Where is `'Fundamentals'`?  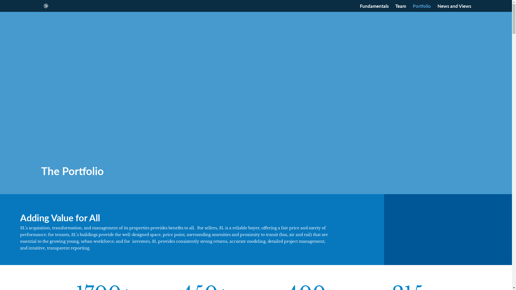
'Fundamentals' is located at coordinates (374, 8).